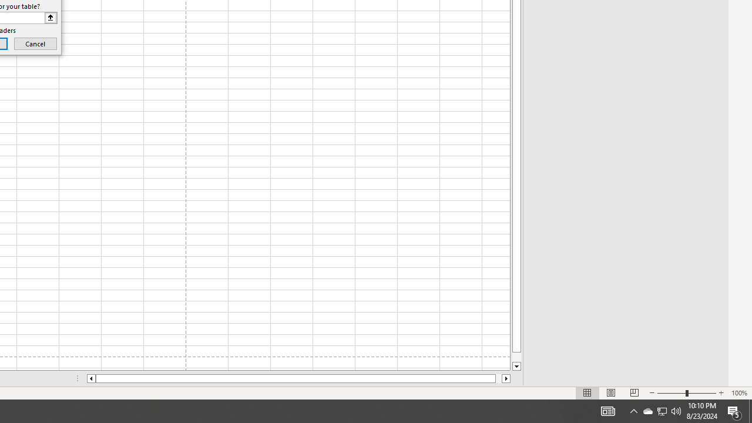 This screenshot has width=752, height=423. Describe the element at coordinates (516, 357) in the screenshot. I see `'Page down'` at that location.